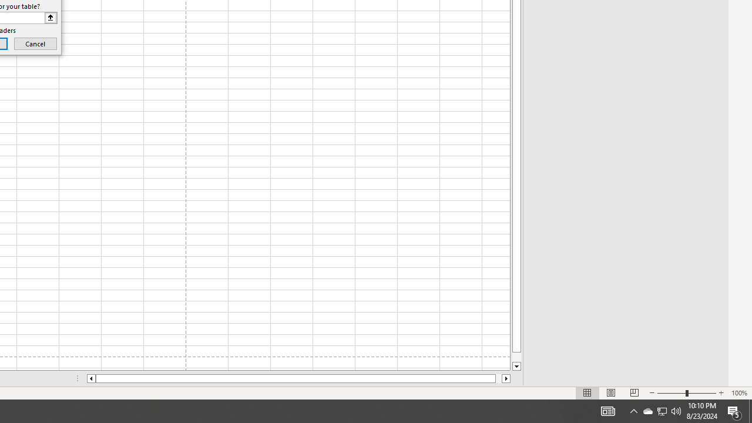 This screenshot has width=752, height=423. Describe the element at coordinates (516, 357) in the screenshot. I see `'Page down'` at that location.